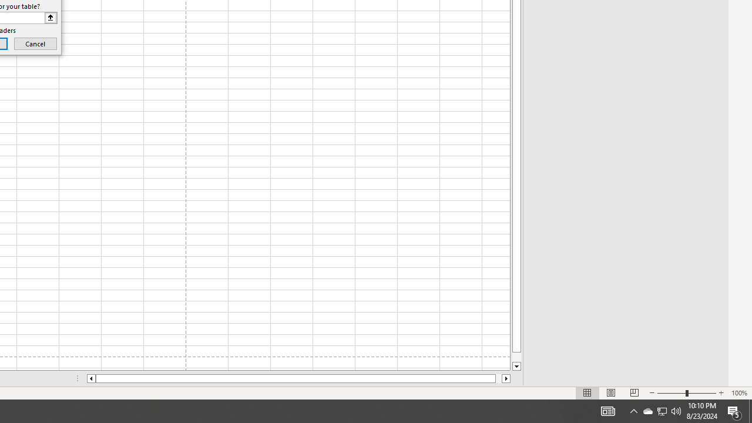 This screenshot has width=752, height=423. Describe the element at coordinates (516, 357) in the screenshot. I see `'Page down'` at that location.